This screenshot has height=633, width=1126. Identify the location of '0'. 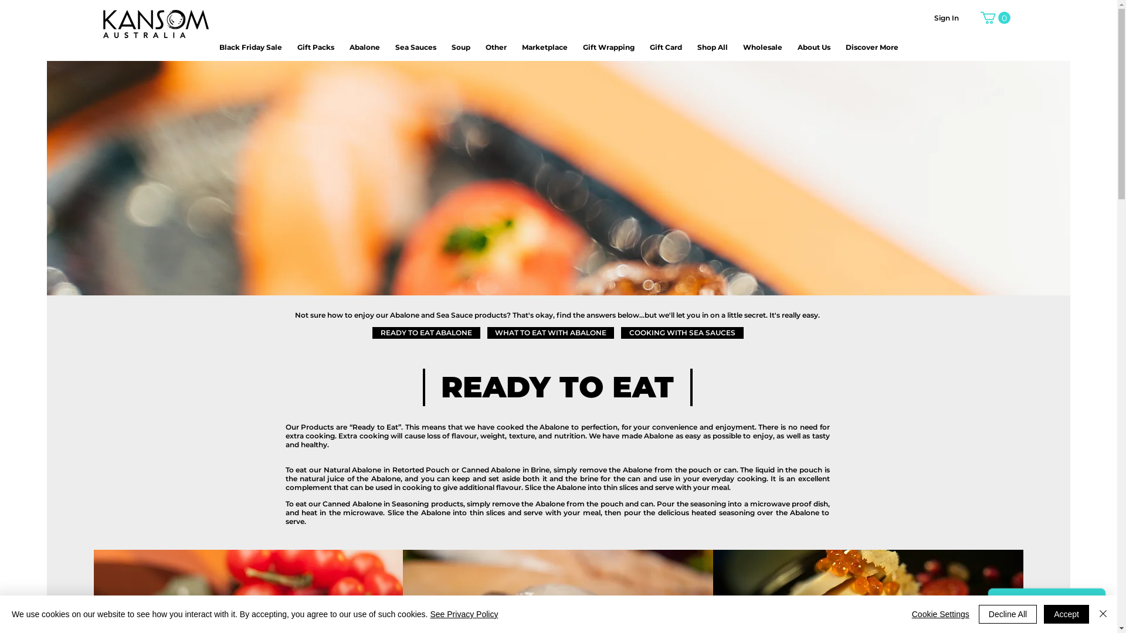
(995, 18).